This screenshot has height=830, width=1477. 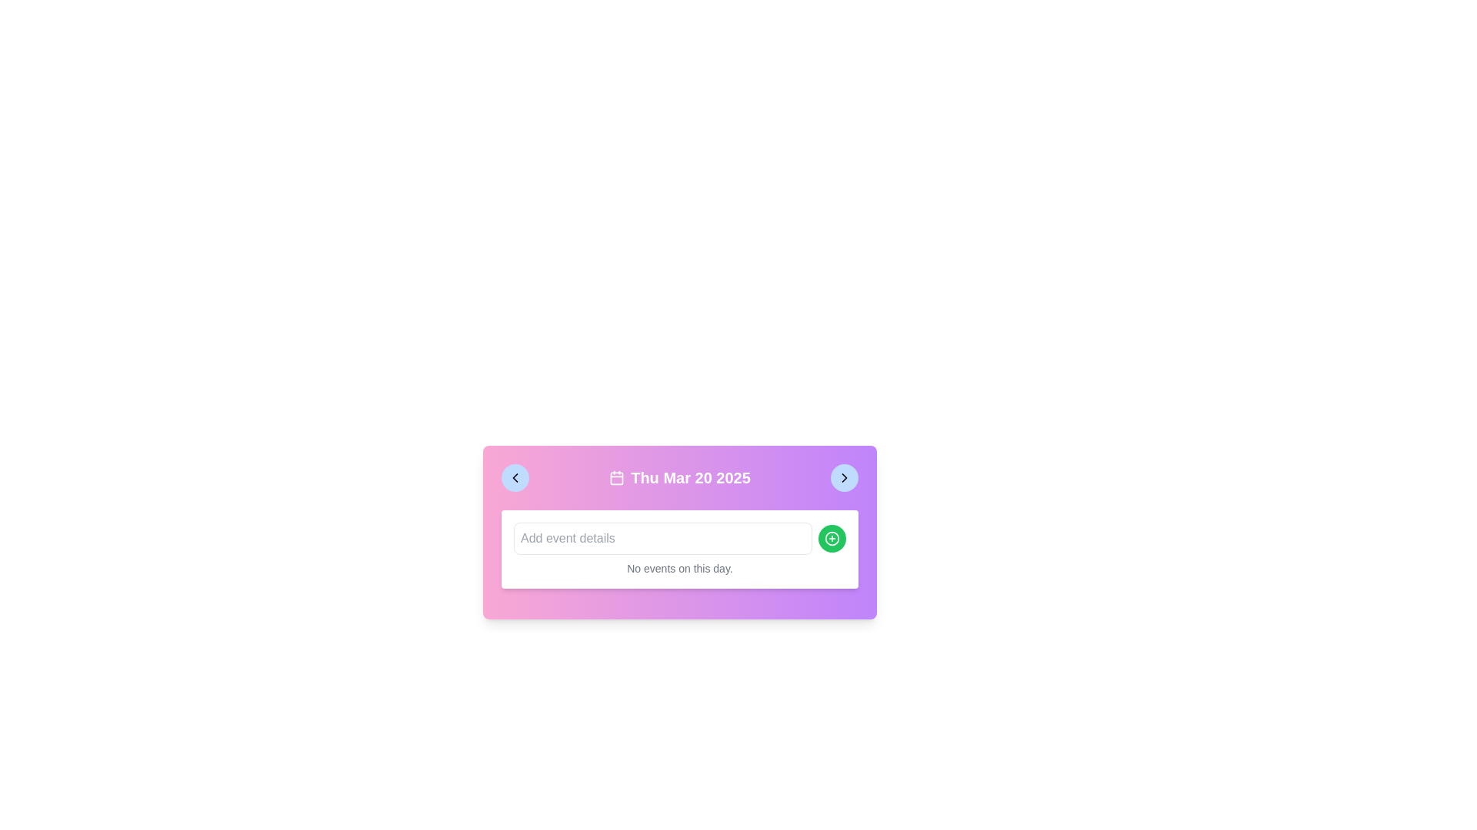 I want to click on the text label that displays the currently selected date, located in the center-top portion of a card-like component, aligned to the right of a calendar icon and between two navigation buttons, so click(x=689, y=476).